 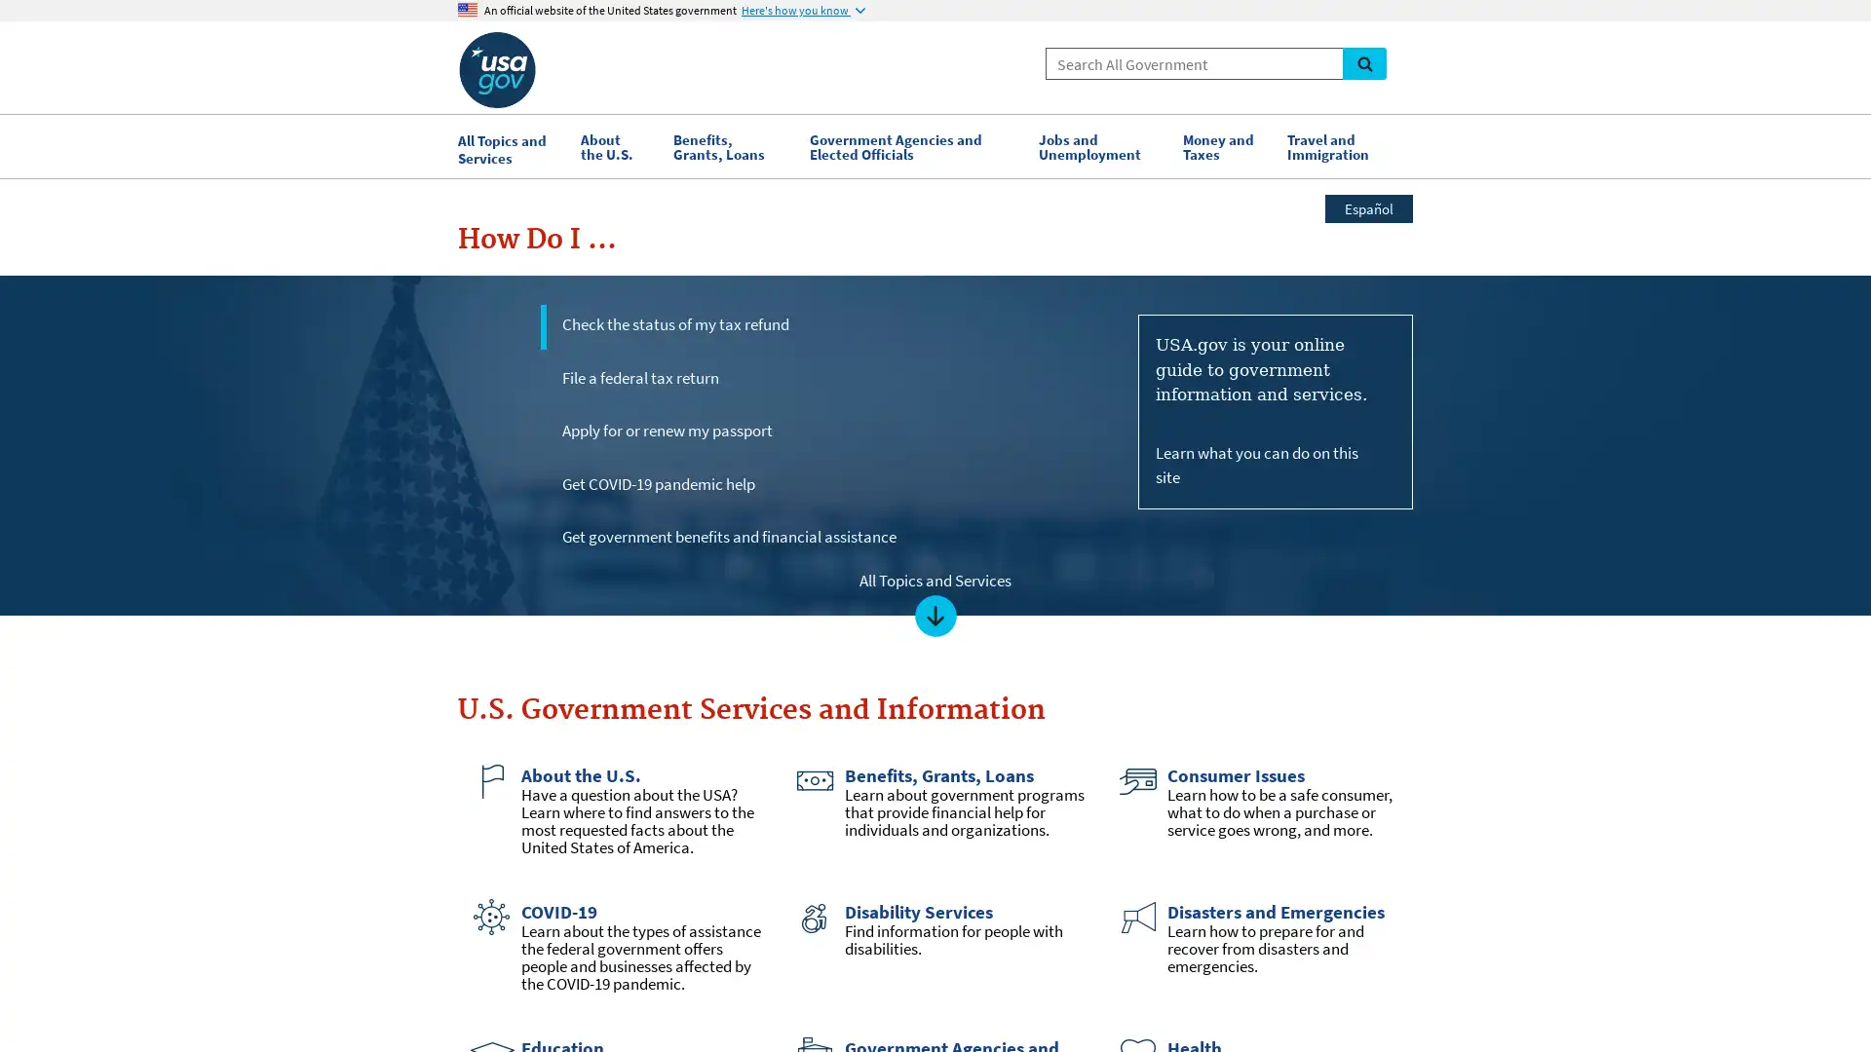 I want to click on About the U.S., so click(x=616, y=145).